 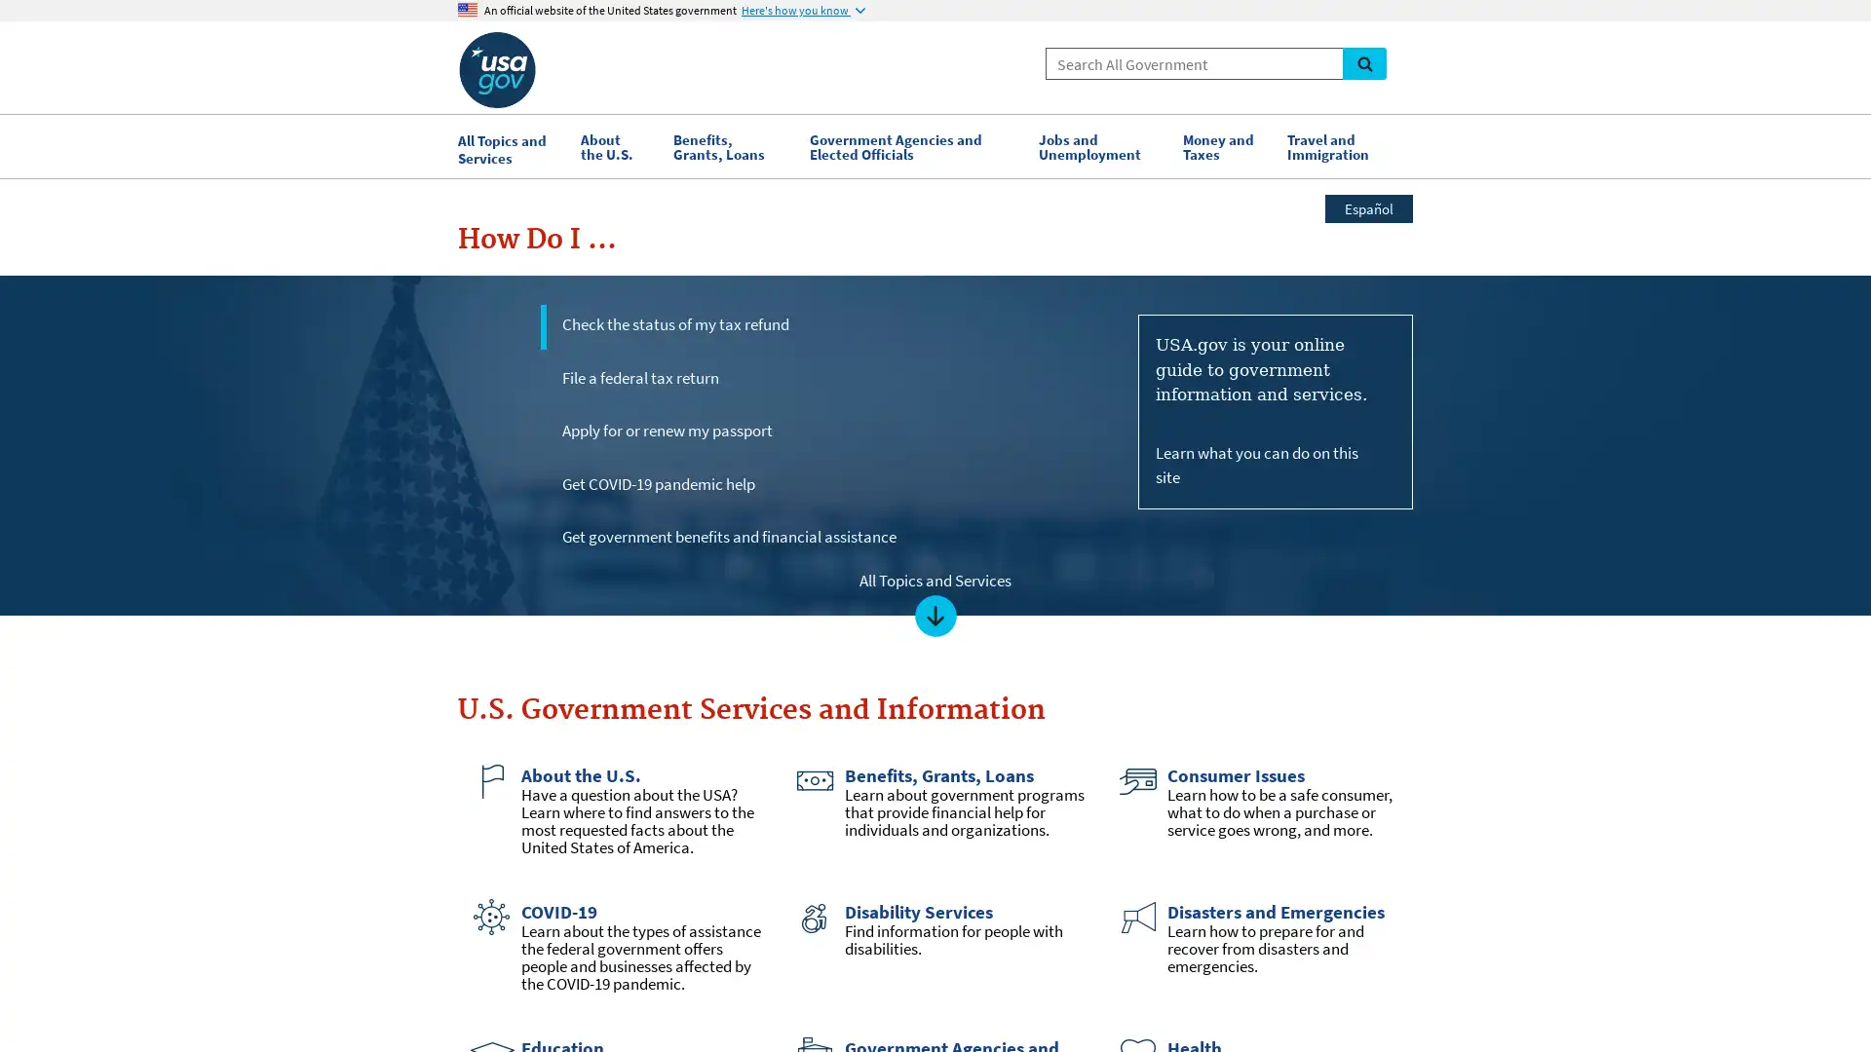 I want to click on About the U.S., so click(x=616, y=145).